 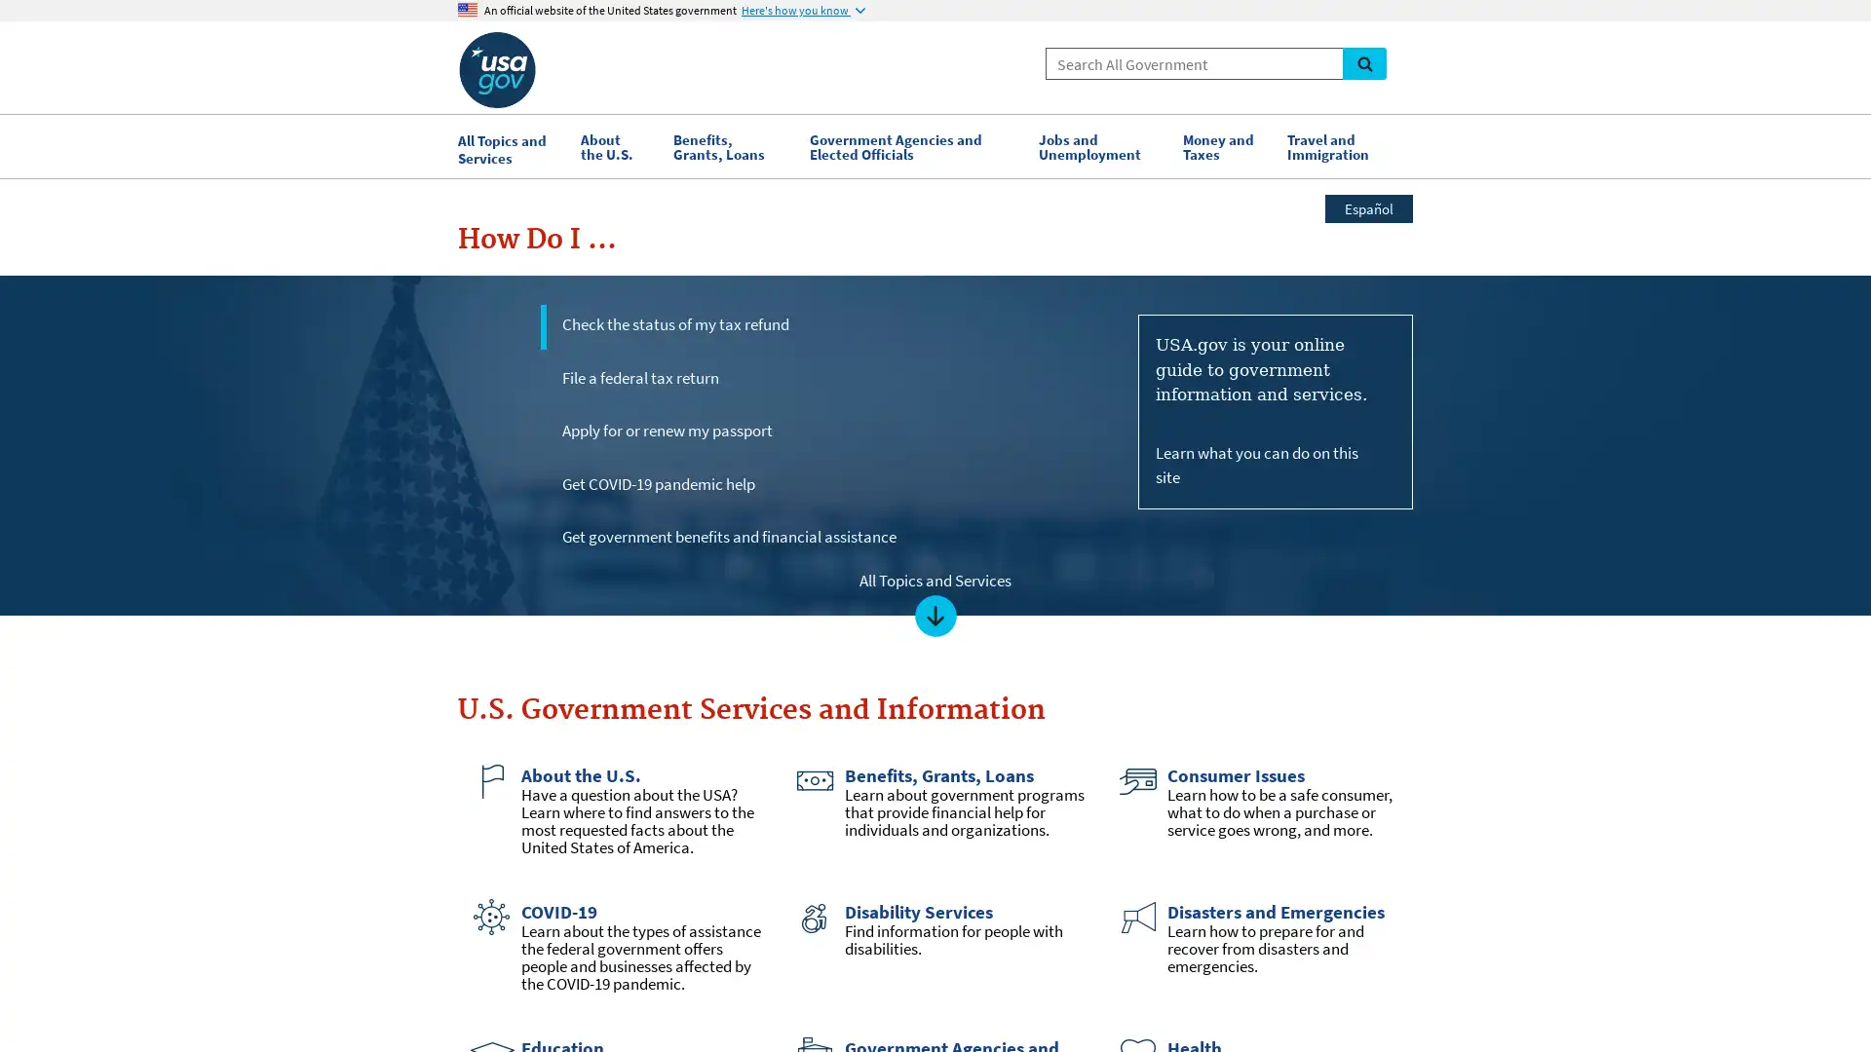 I want to click on About the U.S., so click(x=616, y=145).